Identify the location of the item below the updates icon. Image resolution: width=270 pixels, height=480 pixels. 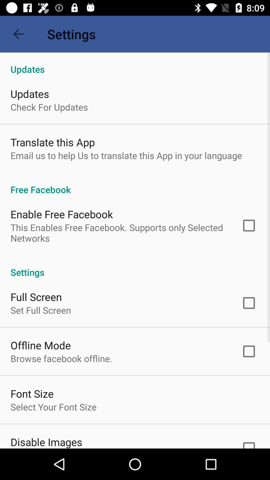
(49, 107).